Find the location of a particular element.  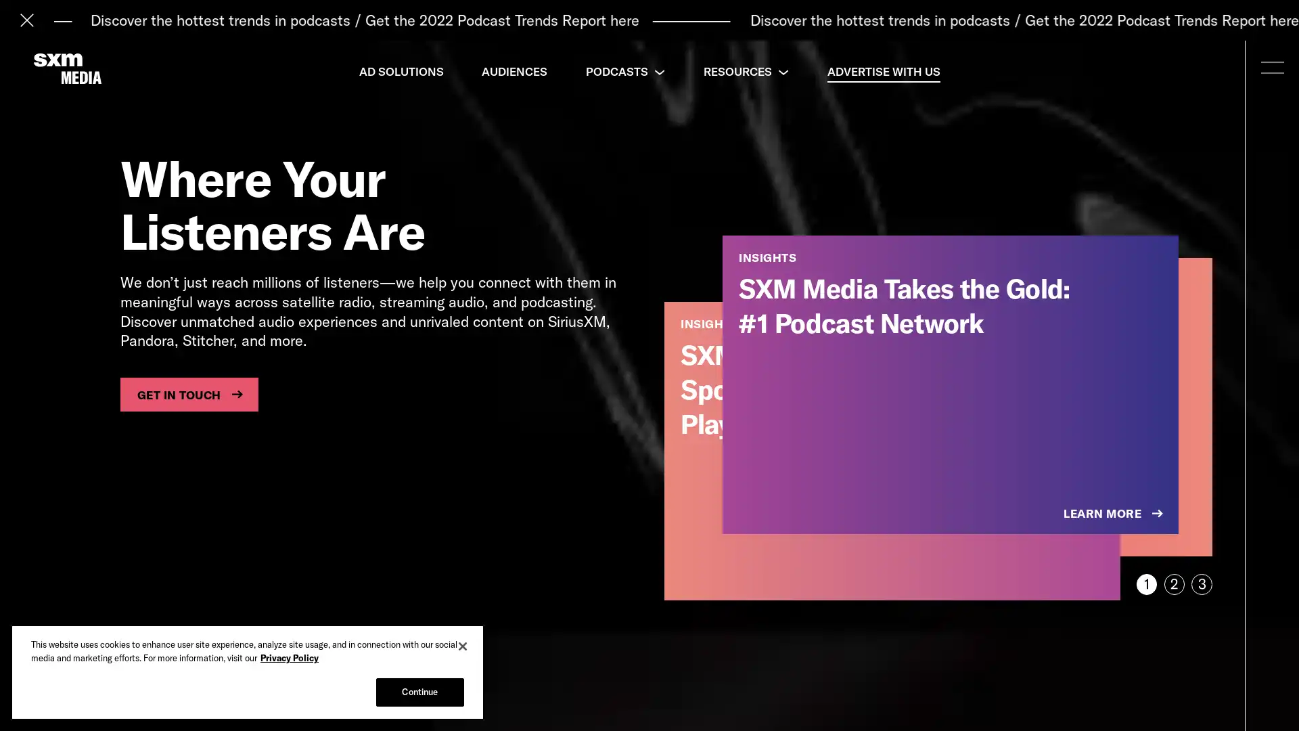

Continue is located at coordinates (419, 692).